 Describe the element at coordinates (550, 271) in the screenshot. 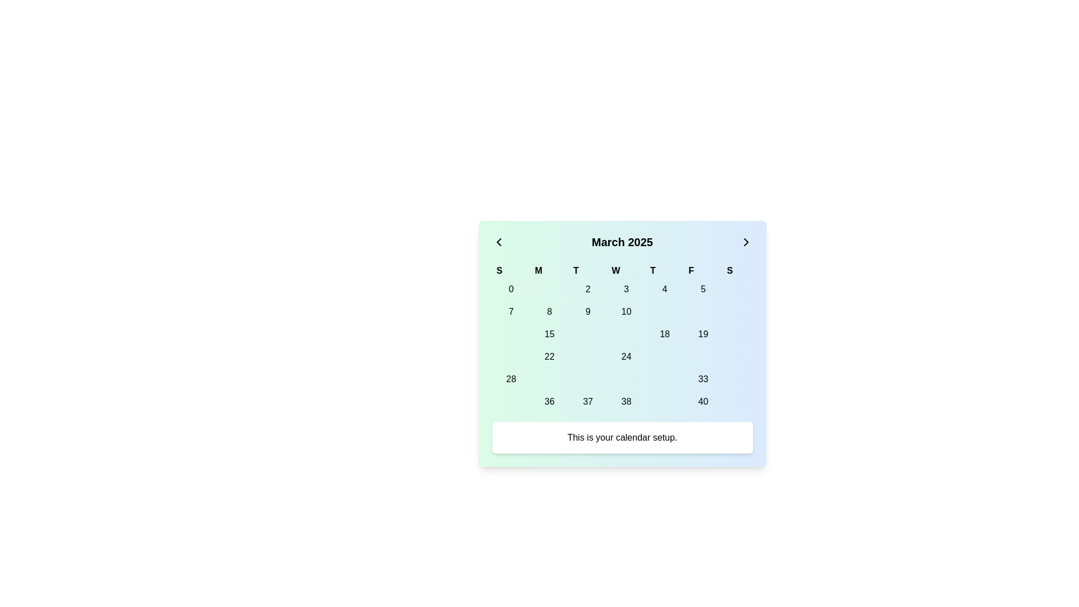

I see `the bold letter 'M' representing Monday in the calendar interface, which is the second item in the sequence of days of the week, located horizontally centered under 'March 2025'` at that location.